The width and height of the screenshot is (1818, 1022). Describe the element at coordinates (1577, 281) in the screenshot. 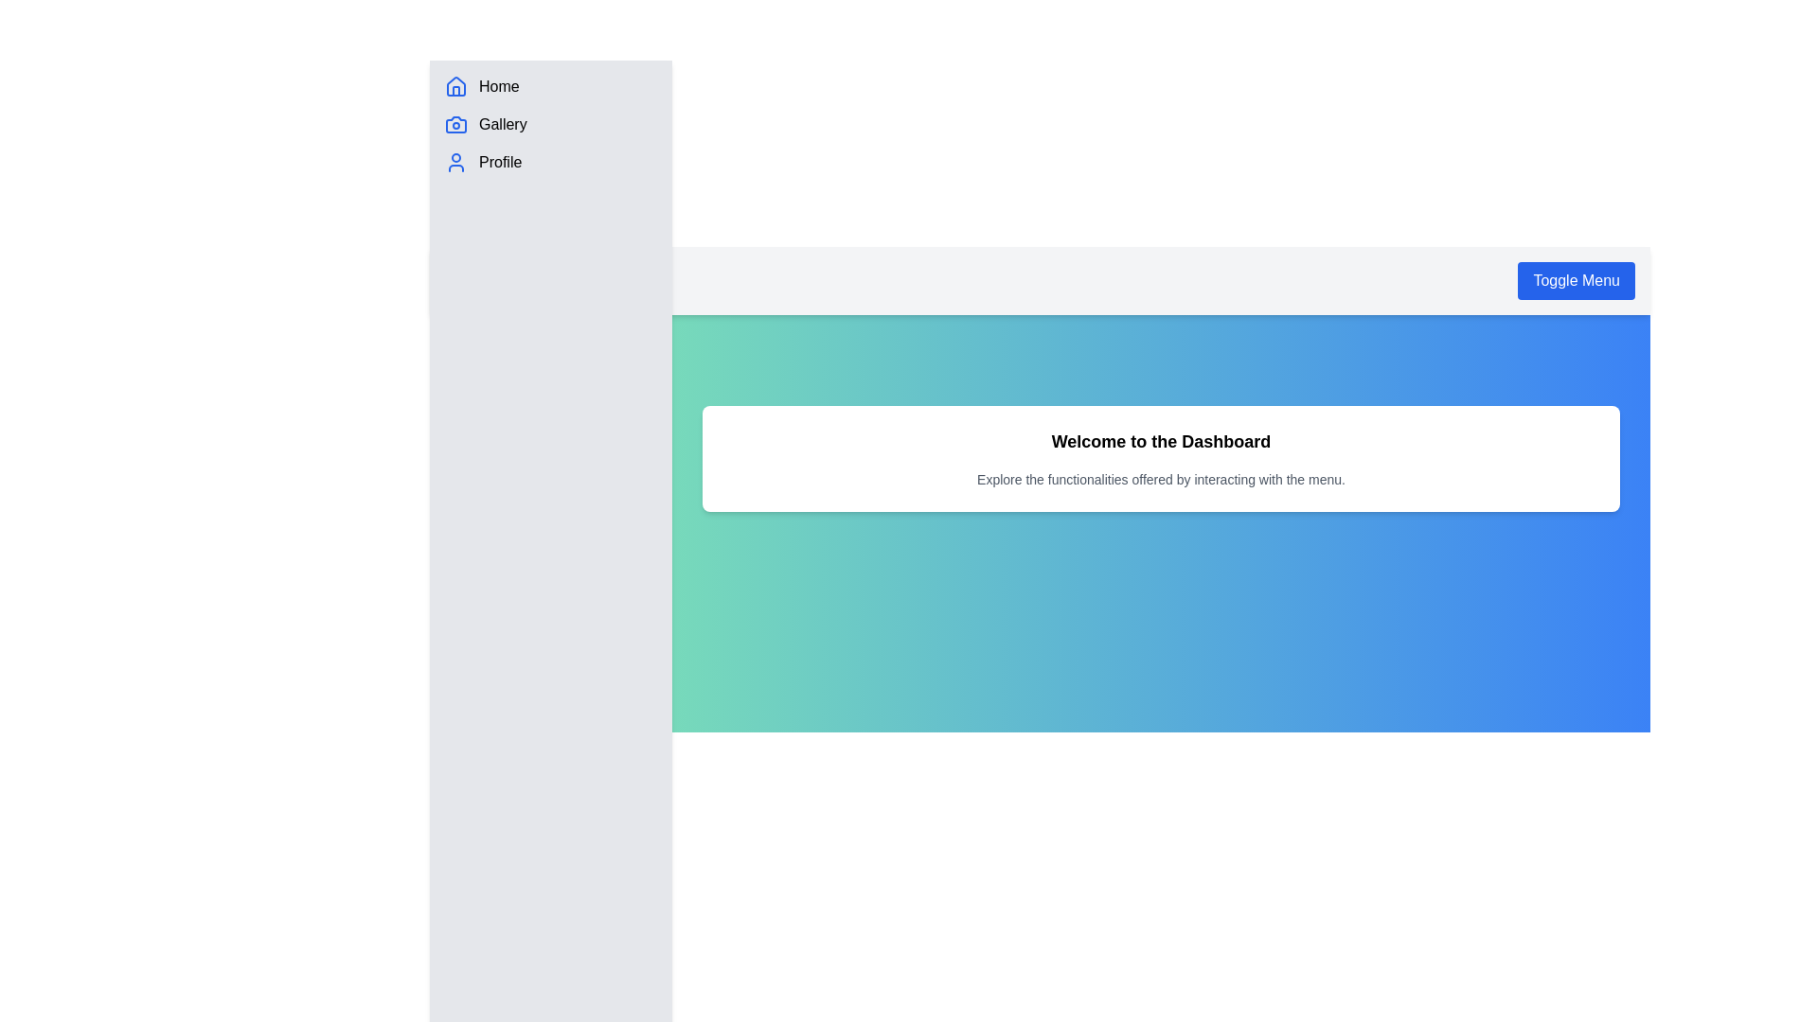

I see `the toggle button located at the top right corner of the interface` at that location.